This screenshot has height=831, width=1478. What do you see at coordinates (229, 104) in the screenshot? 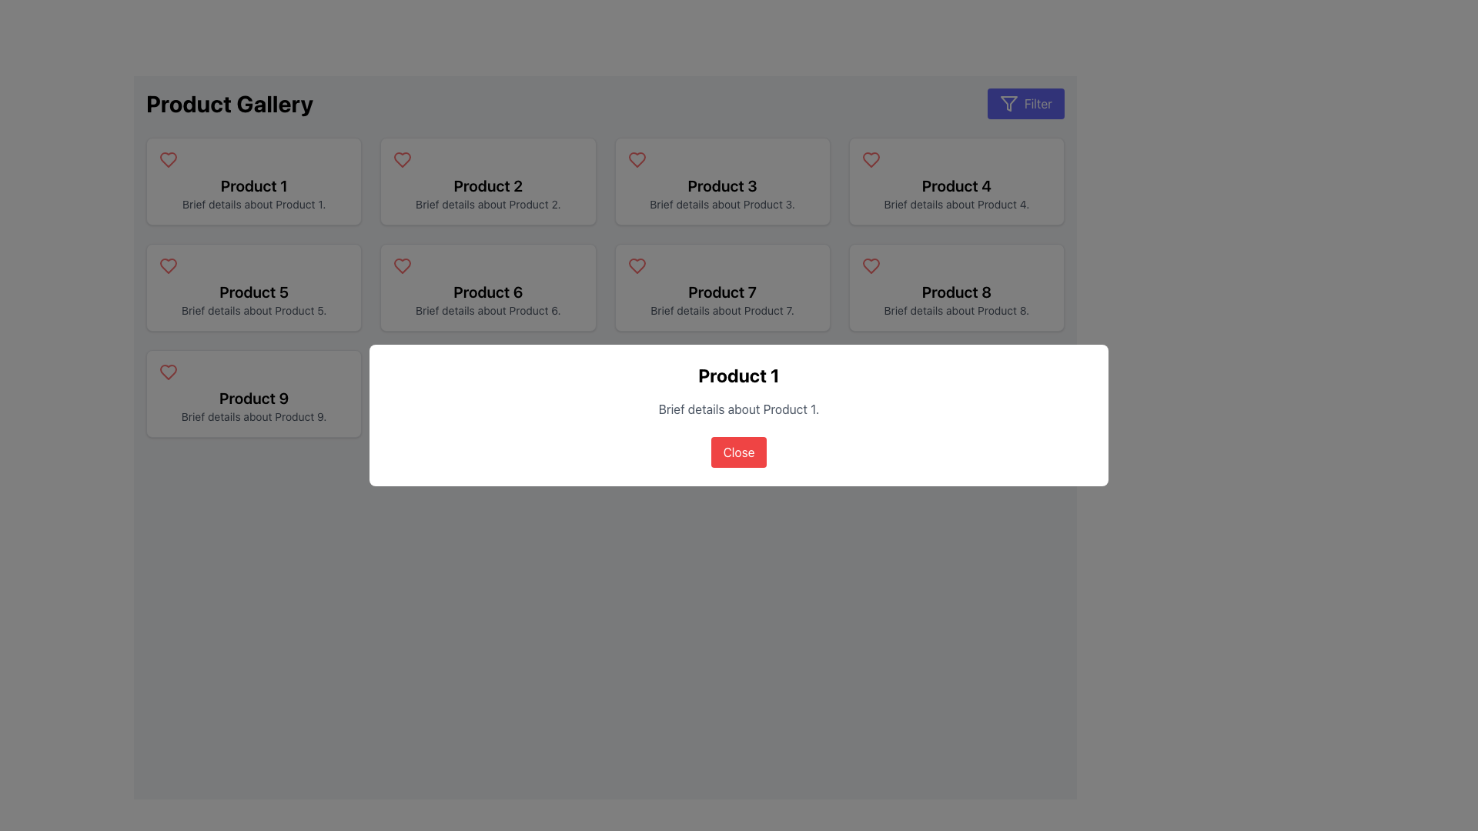
I see `the Heading or Text Label which serves as the title for the product gallery section, located at the top-left of the interface` at bounding box center [229, 104].